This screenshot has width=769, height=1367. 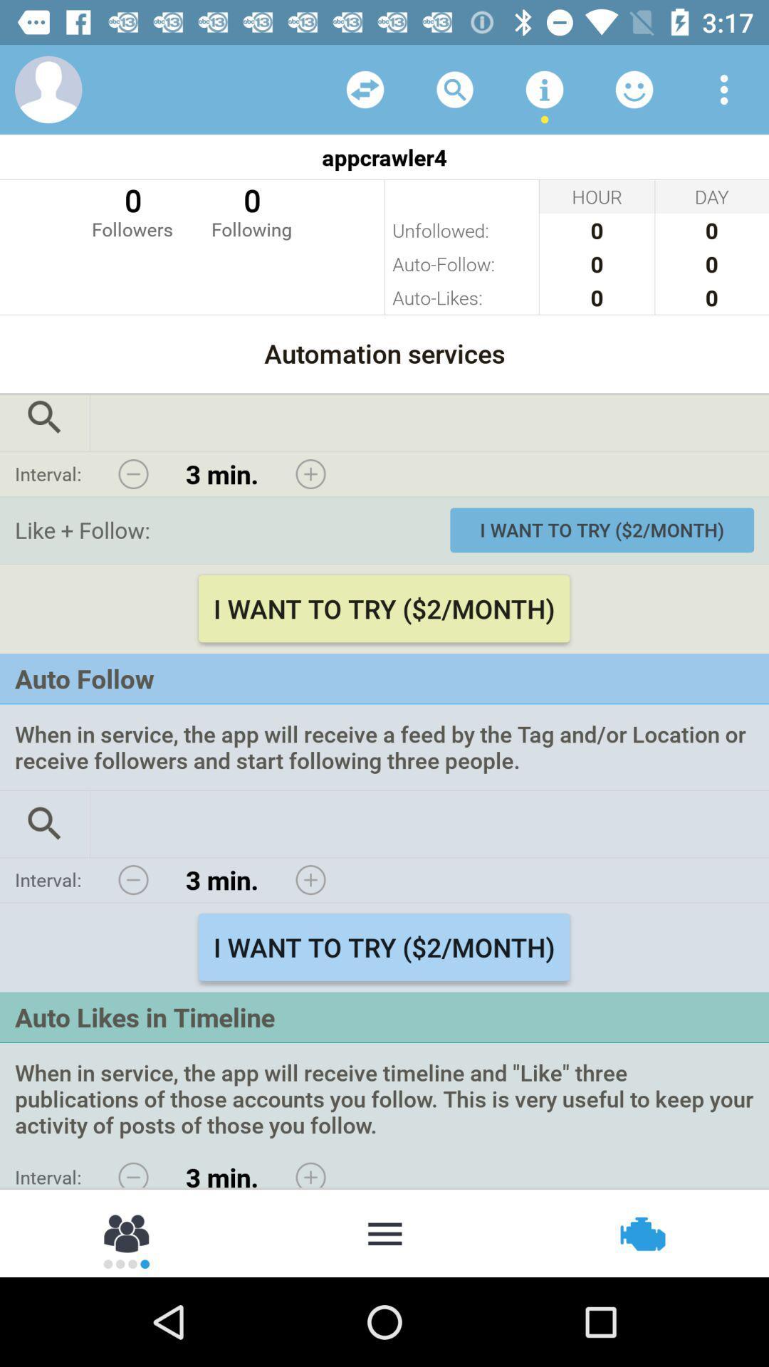 I want to click on reduce time interval, so click(x=133, y=474).